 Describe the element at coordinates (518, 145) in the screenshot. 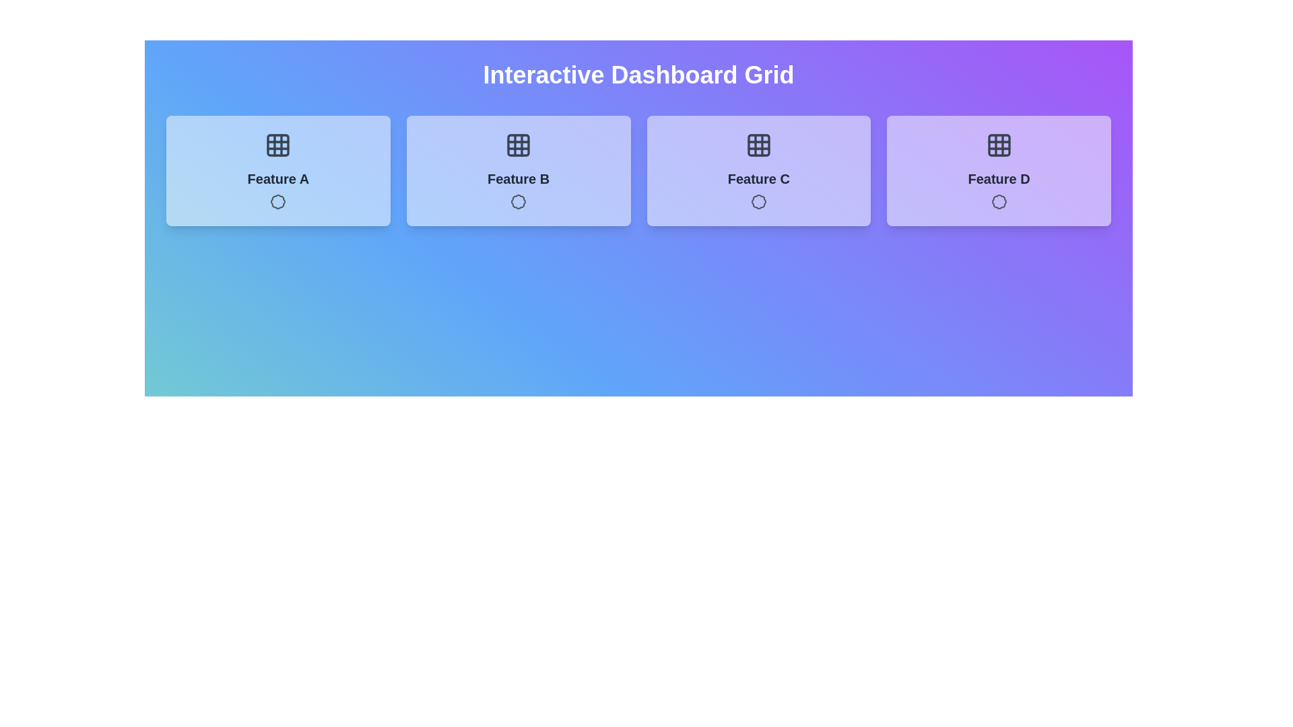

I see `the center square icon in the 3x3 grid of the card labeled 'Feature B'` at that location.